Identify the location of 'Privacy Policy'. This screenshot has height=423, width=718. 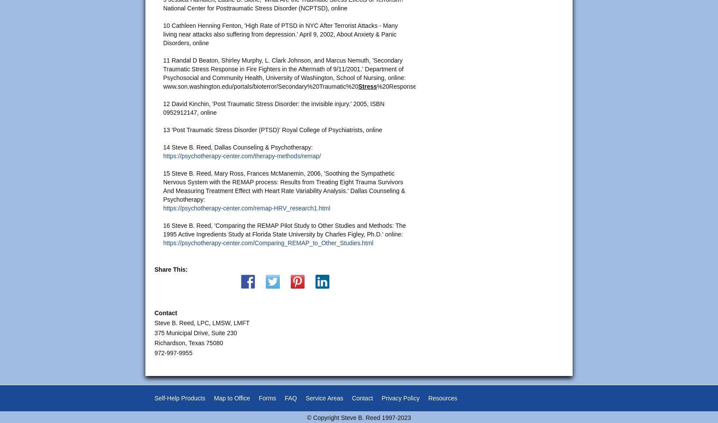
(400, 397).